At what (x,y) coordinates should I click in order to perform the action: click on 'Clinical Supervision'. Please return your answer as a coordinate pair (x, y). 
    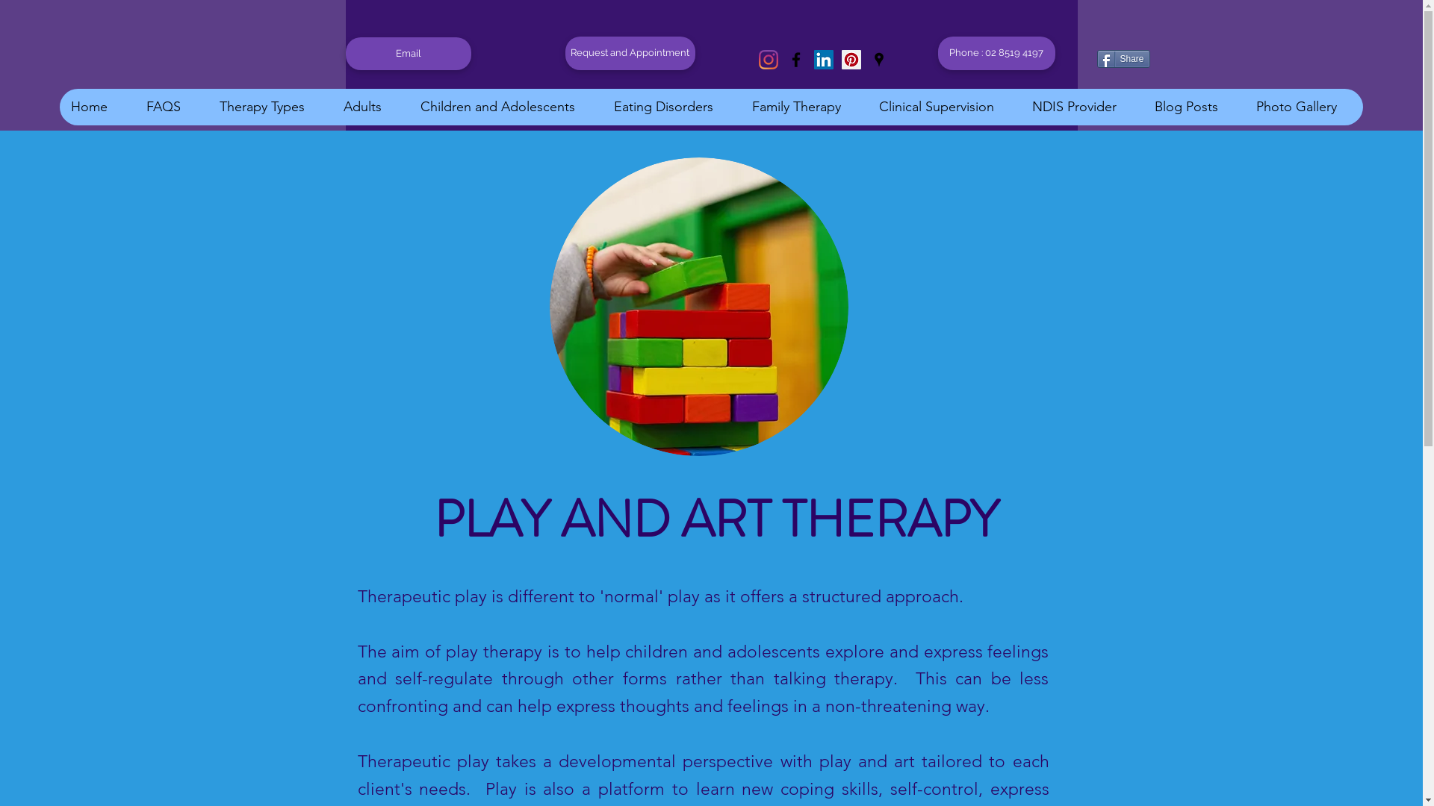
    Looking at the image, I should click on (943, 106).